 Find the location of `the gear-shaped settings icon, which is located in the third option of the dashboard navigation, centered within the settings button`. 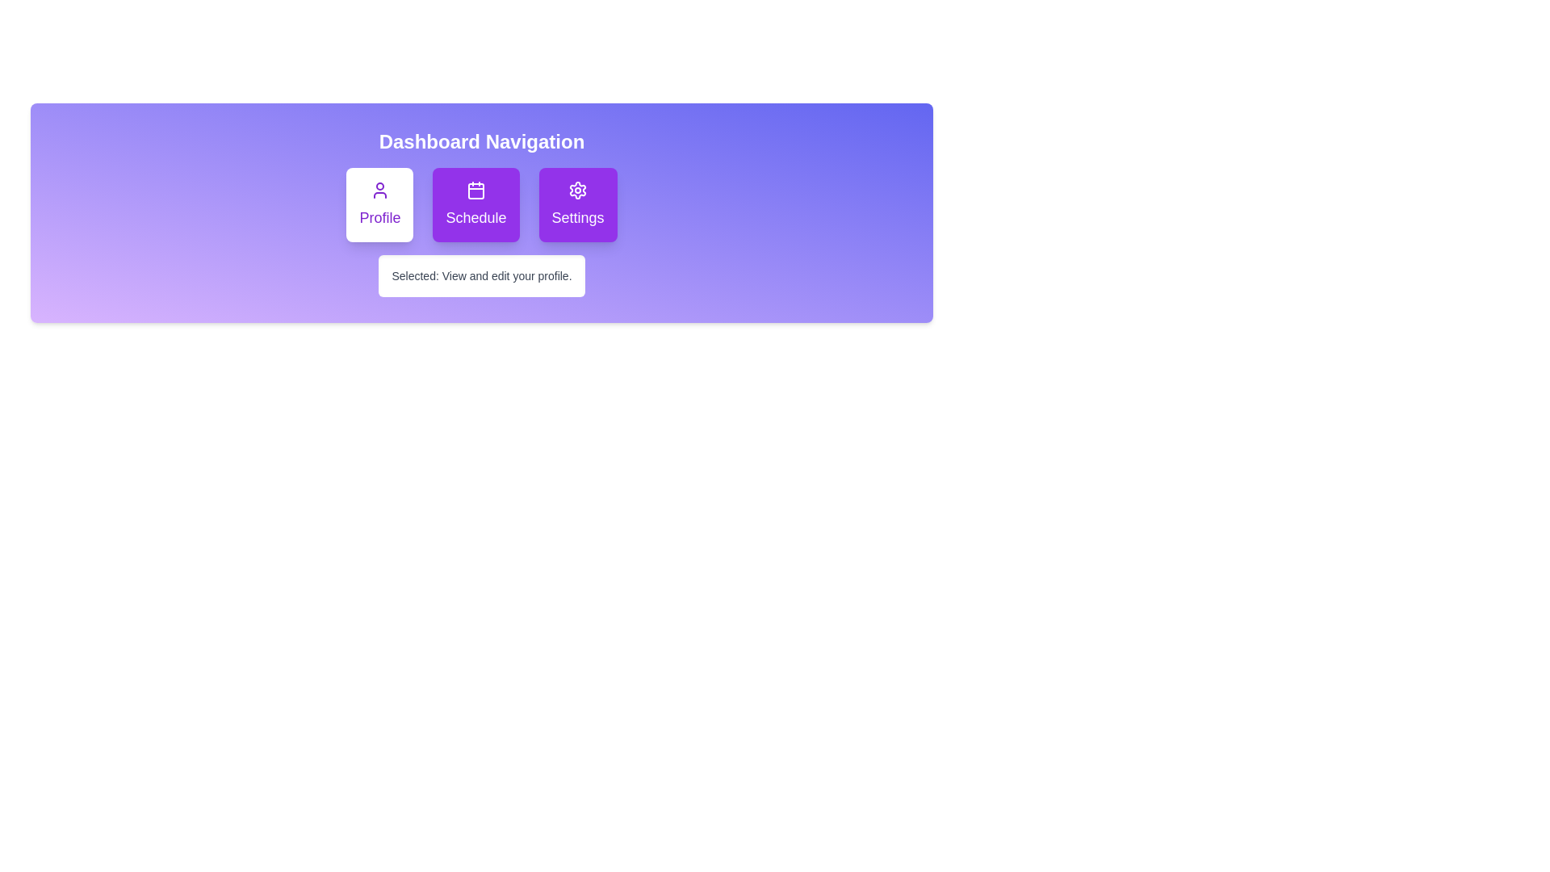

the gear-shaped settings icon, which is located in the third option of the dashboard navigation, centered within the settings button is located at coordinates (577, 189).